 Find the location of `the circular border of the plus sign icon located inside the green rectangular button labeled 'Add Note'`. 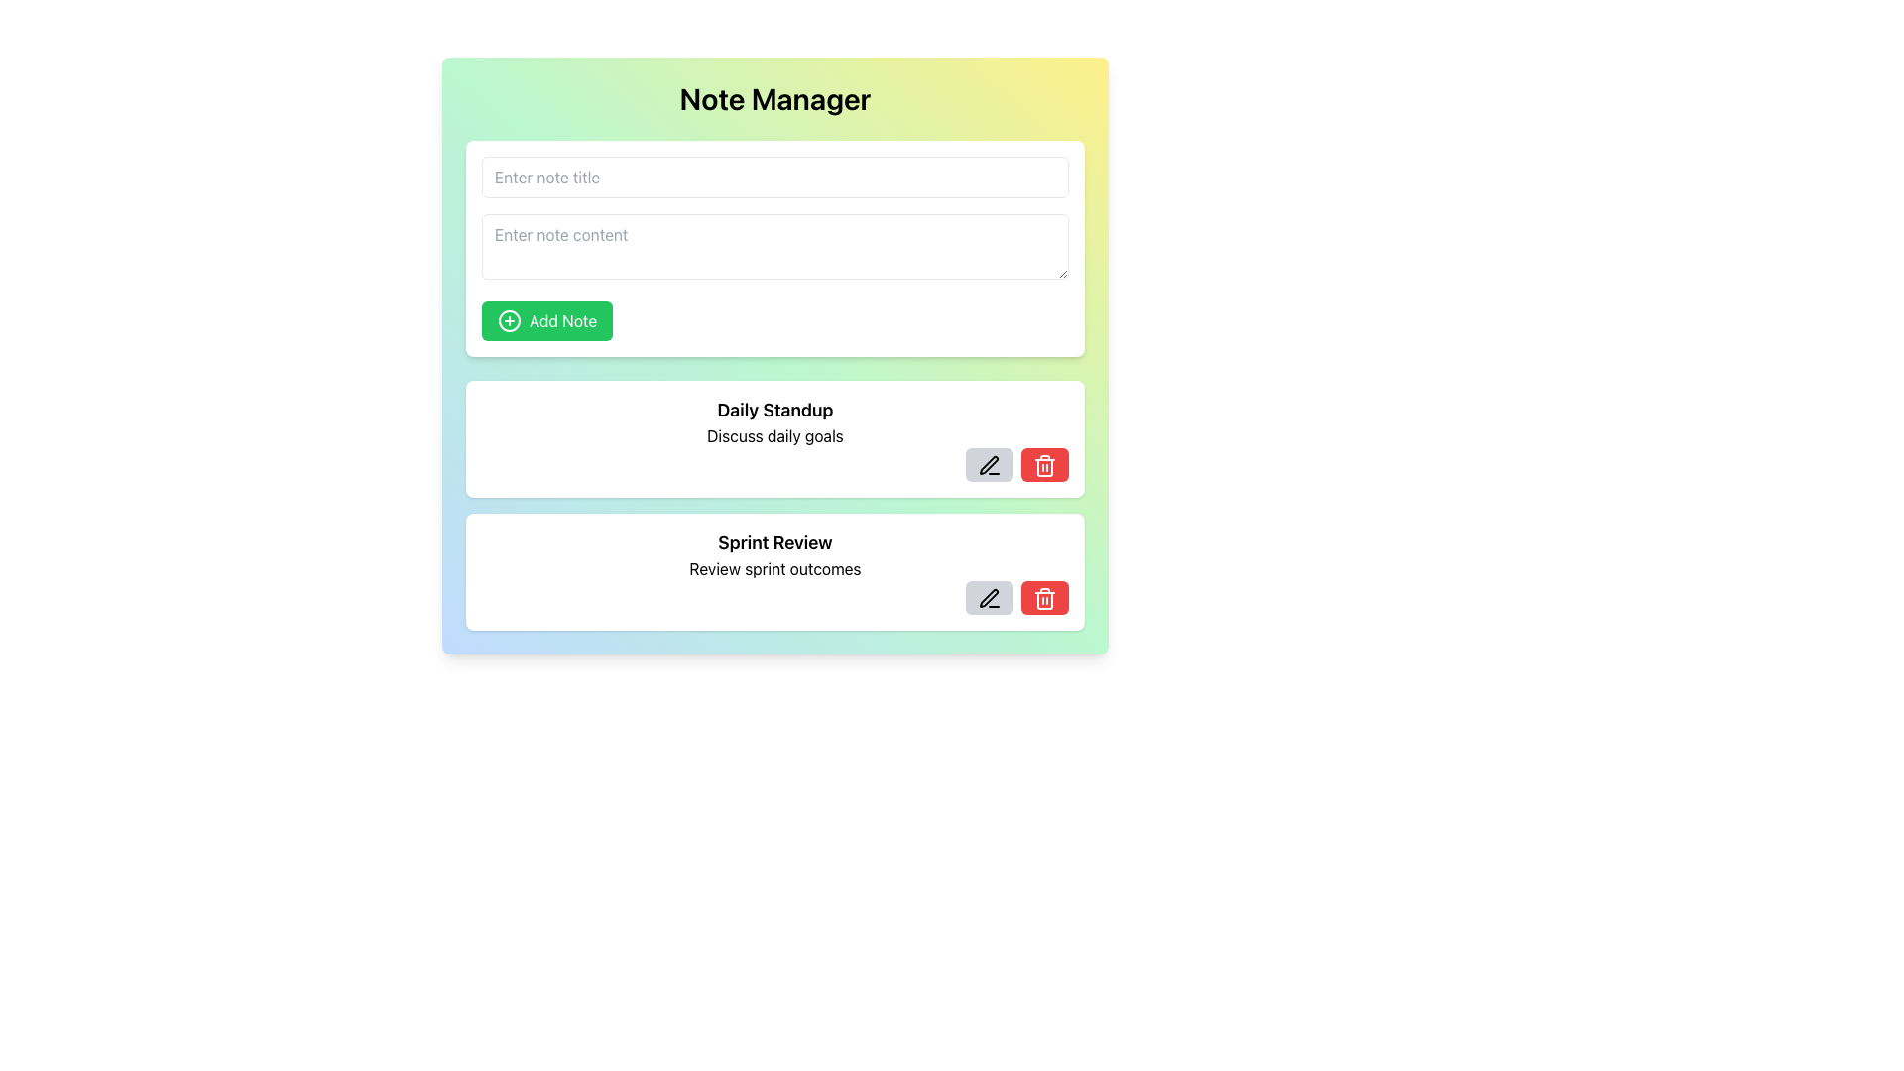

the circular border of the plus sign icon located inside the green rectangular button labeled 'Add Note' is located at coordinates (509, 320).